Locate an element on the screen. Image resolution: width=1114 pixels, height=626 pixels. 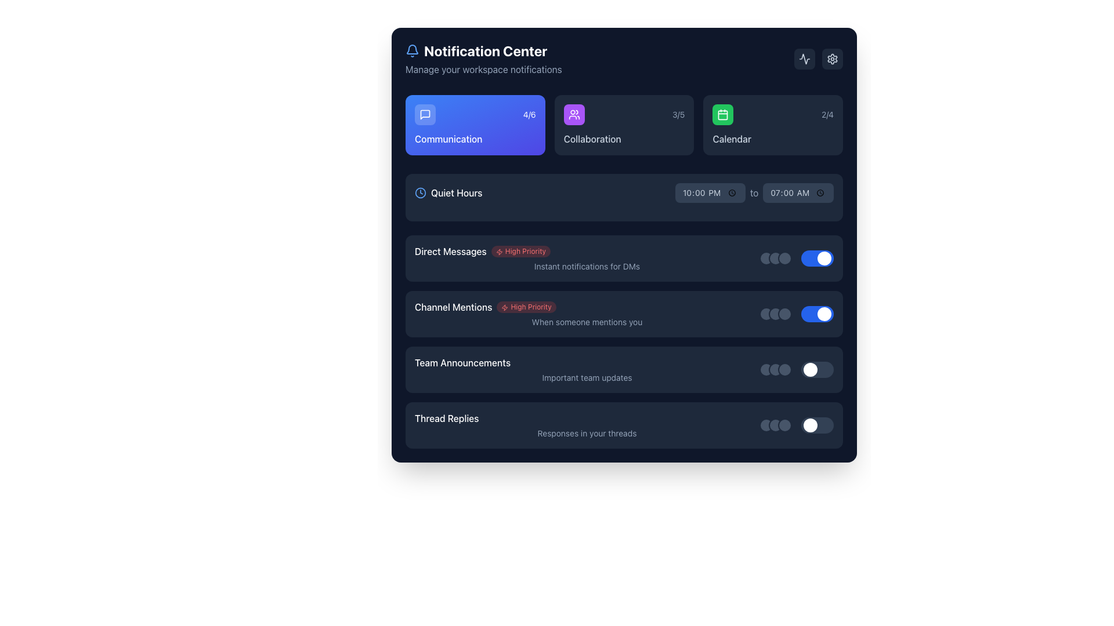
the middle circle of three identical circles grouped horizontally near the bottom of the central panel is located at coordinates (776, 425).